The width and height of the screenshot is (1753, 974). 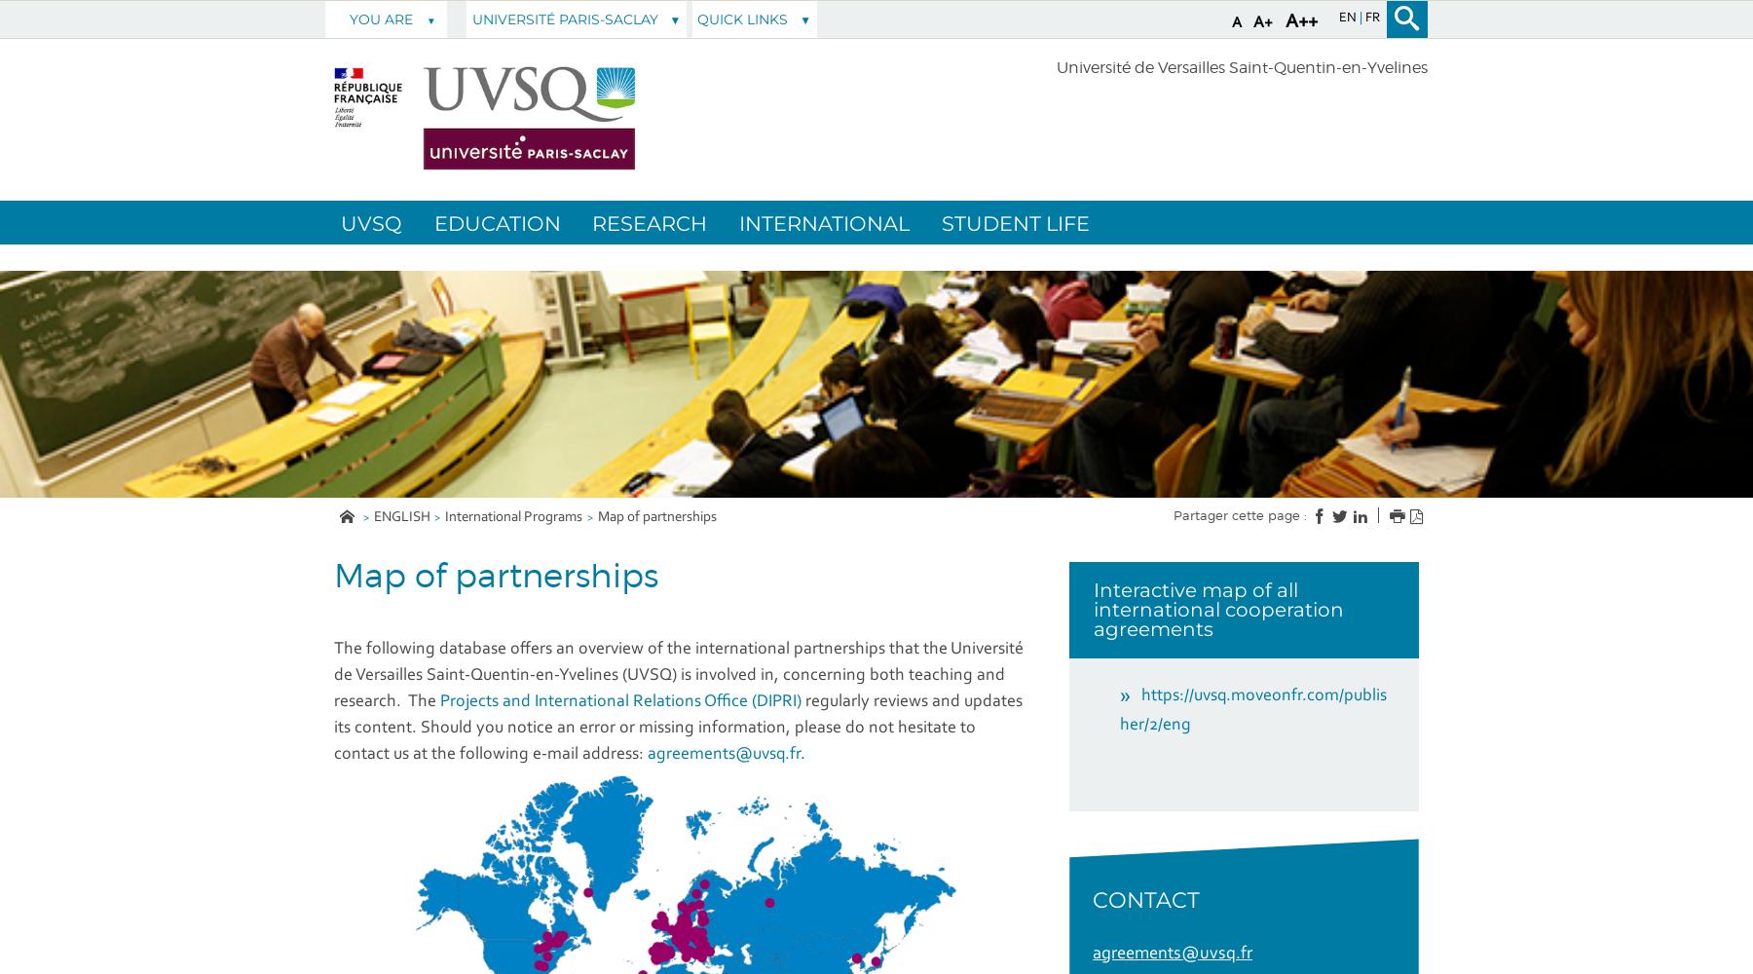 What do you see at coordinates (470, 19) in the screenshot?
I see `'Université Paris-Saclay'` at bounding box center [470, 19].